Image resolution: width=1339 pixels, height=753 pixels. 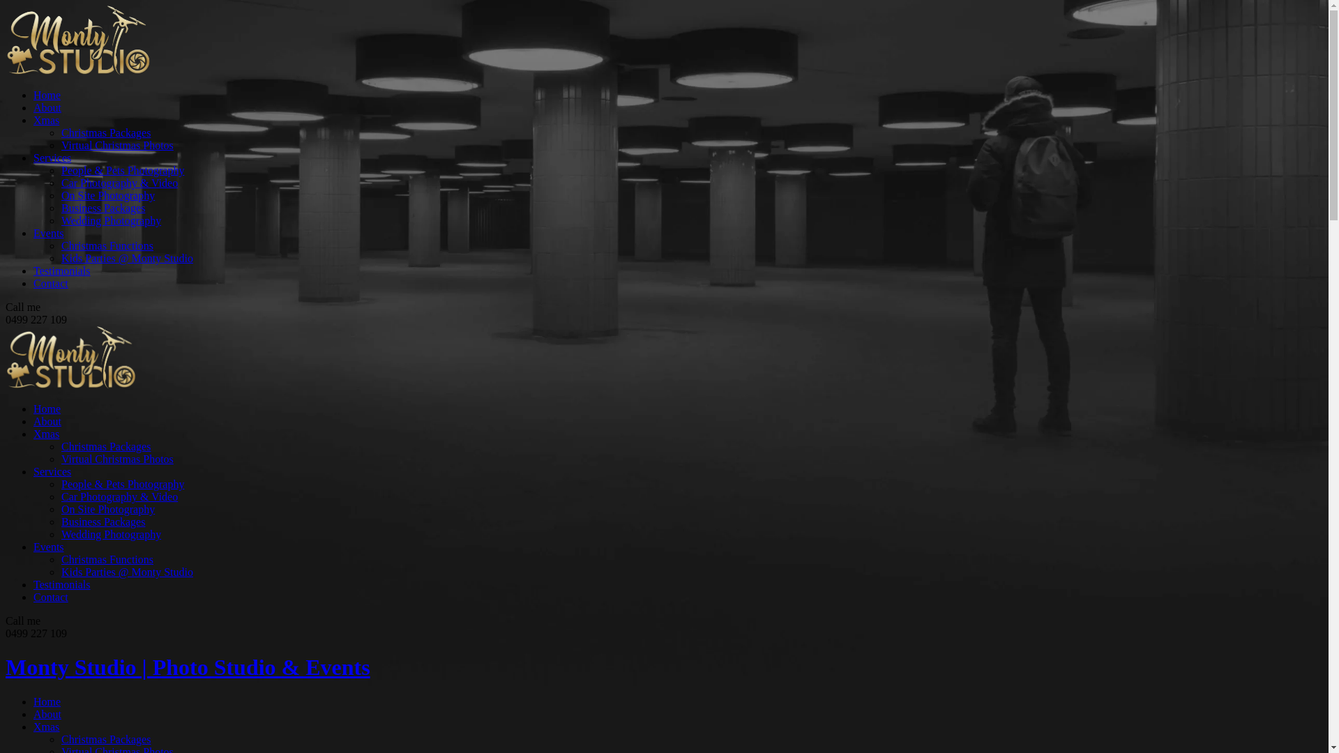 What do you see at coordinates (33, 726) in the screenshot?
I see `'Xmas'` at bounding box center [33, 726].